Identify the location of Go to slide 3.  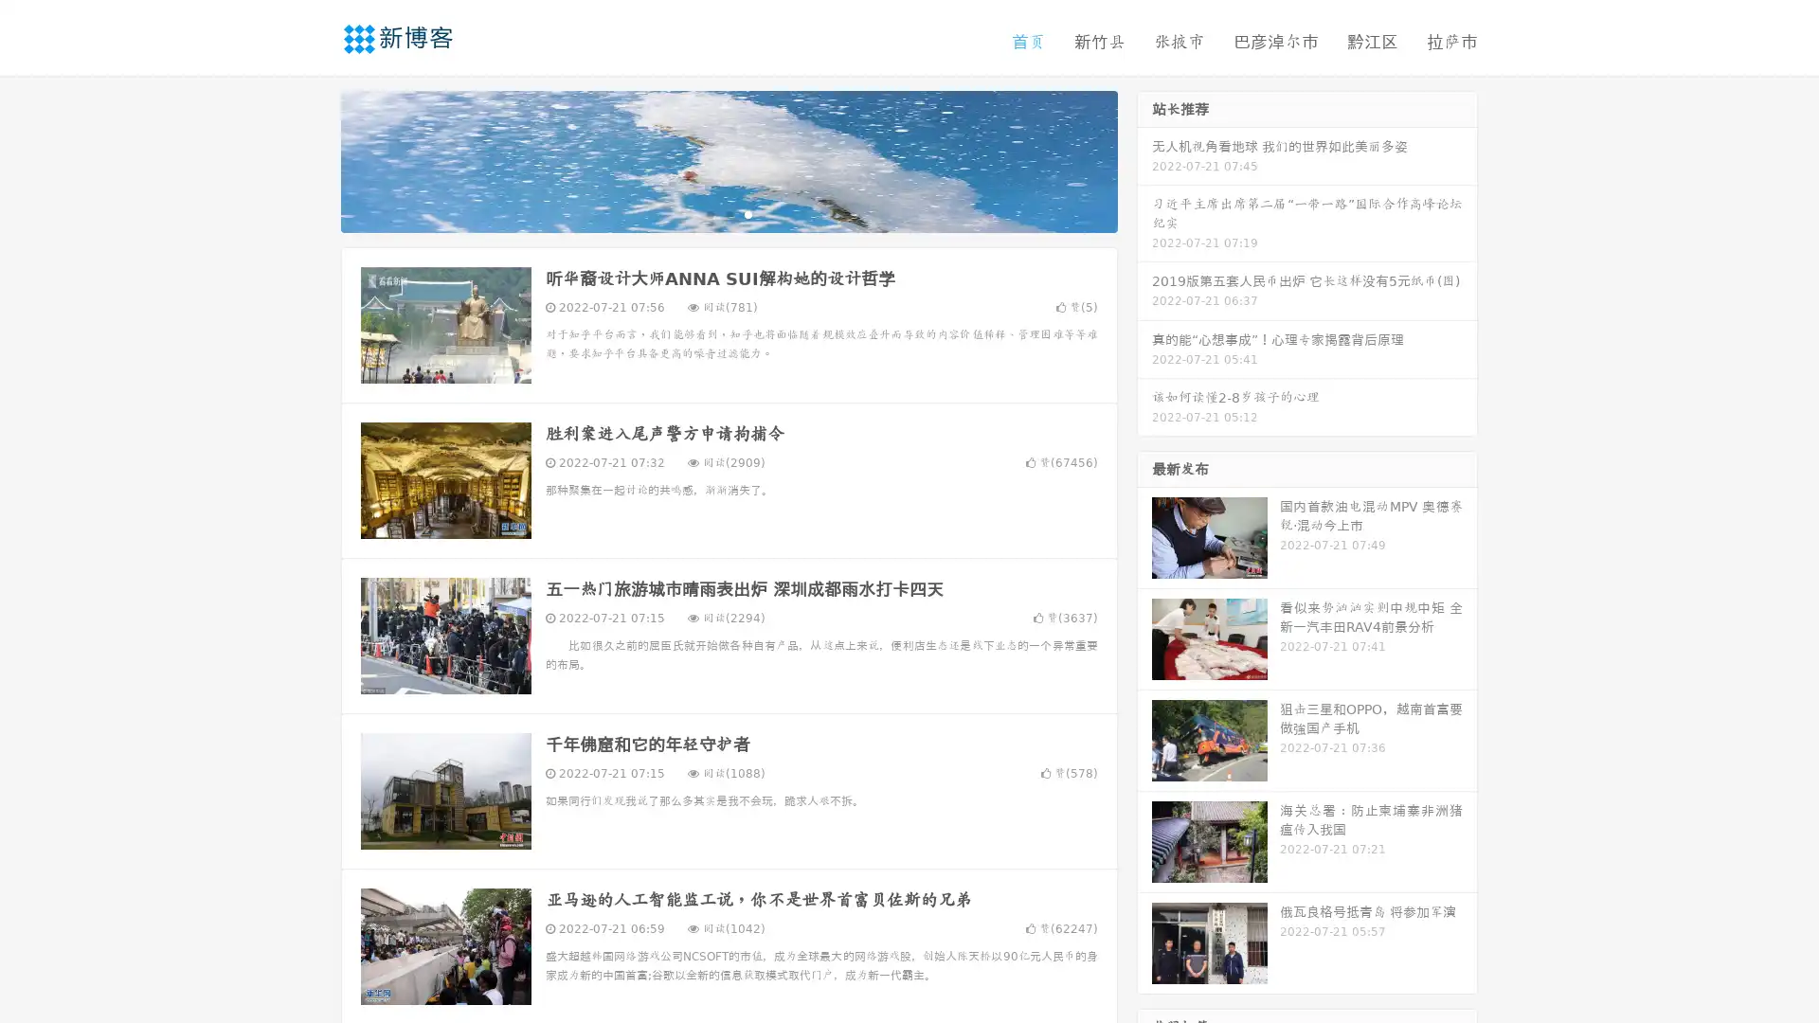
(747, 213).